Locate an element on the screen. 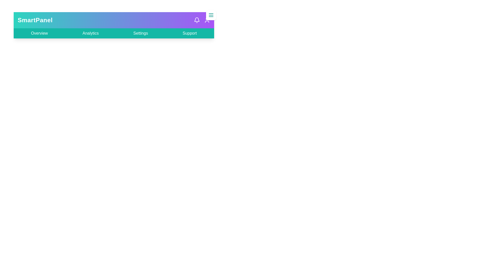 This screenshot has height=273, width=486. the Support link to navigate to the respective section is located at coordinates (189, 33).